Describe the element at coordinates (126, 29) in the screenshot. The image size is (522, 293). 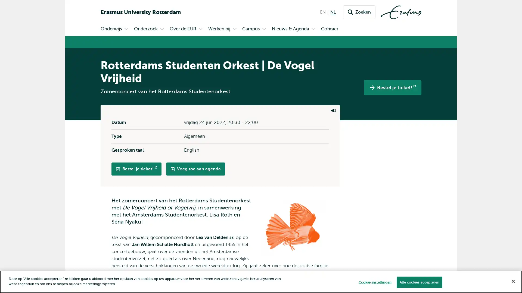
I see `Open submenu` at that location.